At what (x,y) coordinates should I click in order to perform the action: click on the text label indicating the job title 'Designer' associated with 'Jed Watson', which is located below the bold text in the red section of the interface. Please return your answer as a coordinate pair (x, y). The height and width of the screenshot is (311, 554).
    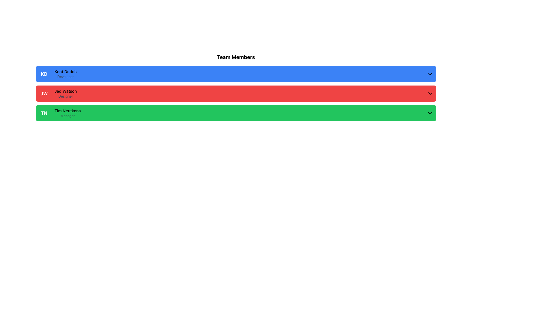
    Looking at the image, I should click on (65, 96).